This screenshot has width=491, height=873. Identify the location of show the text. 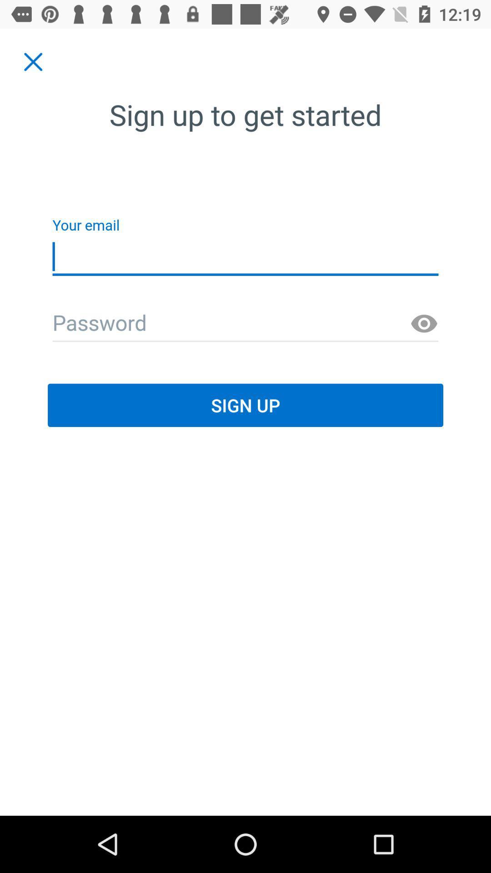
(424, 324).